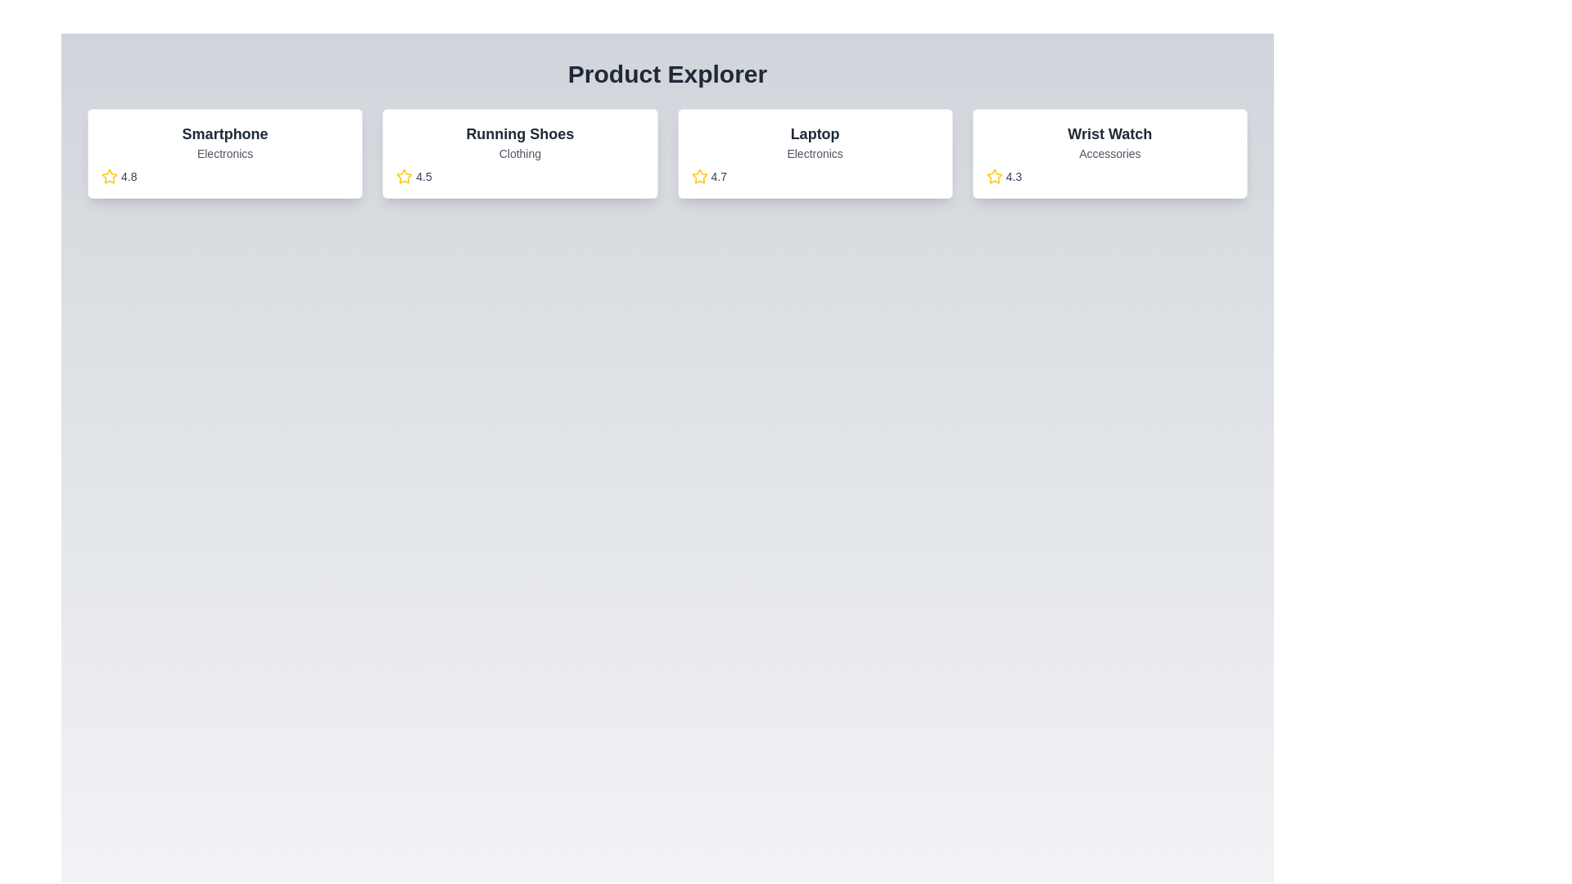  What do you see at coordinates (424, 177) in the screenshot?
I see `the static text label displaying the average rating score of the product on the second card labeled 'Running Shoes' in the 'Clothing' category` at bounding box center [424, 177].